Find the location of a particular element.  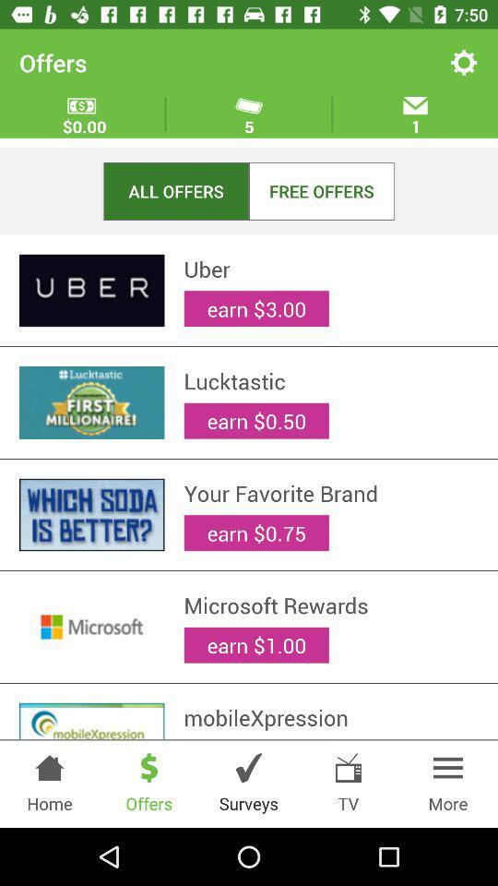

icon below earn $0.50 icon is located at coordinates (330, 492).